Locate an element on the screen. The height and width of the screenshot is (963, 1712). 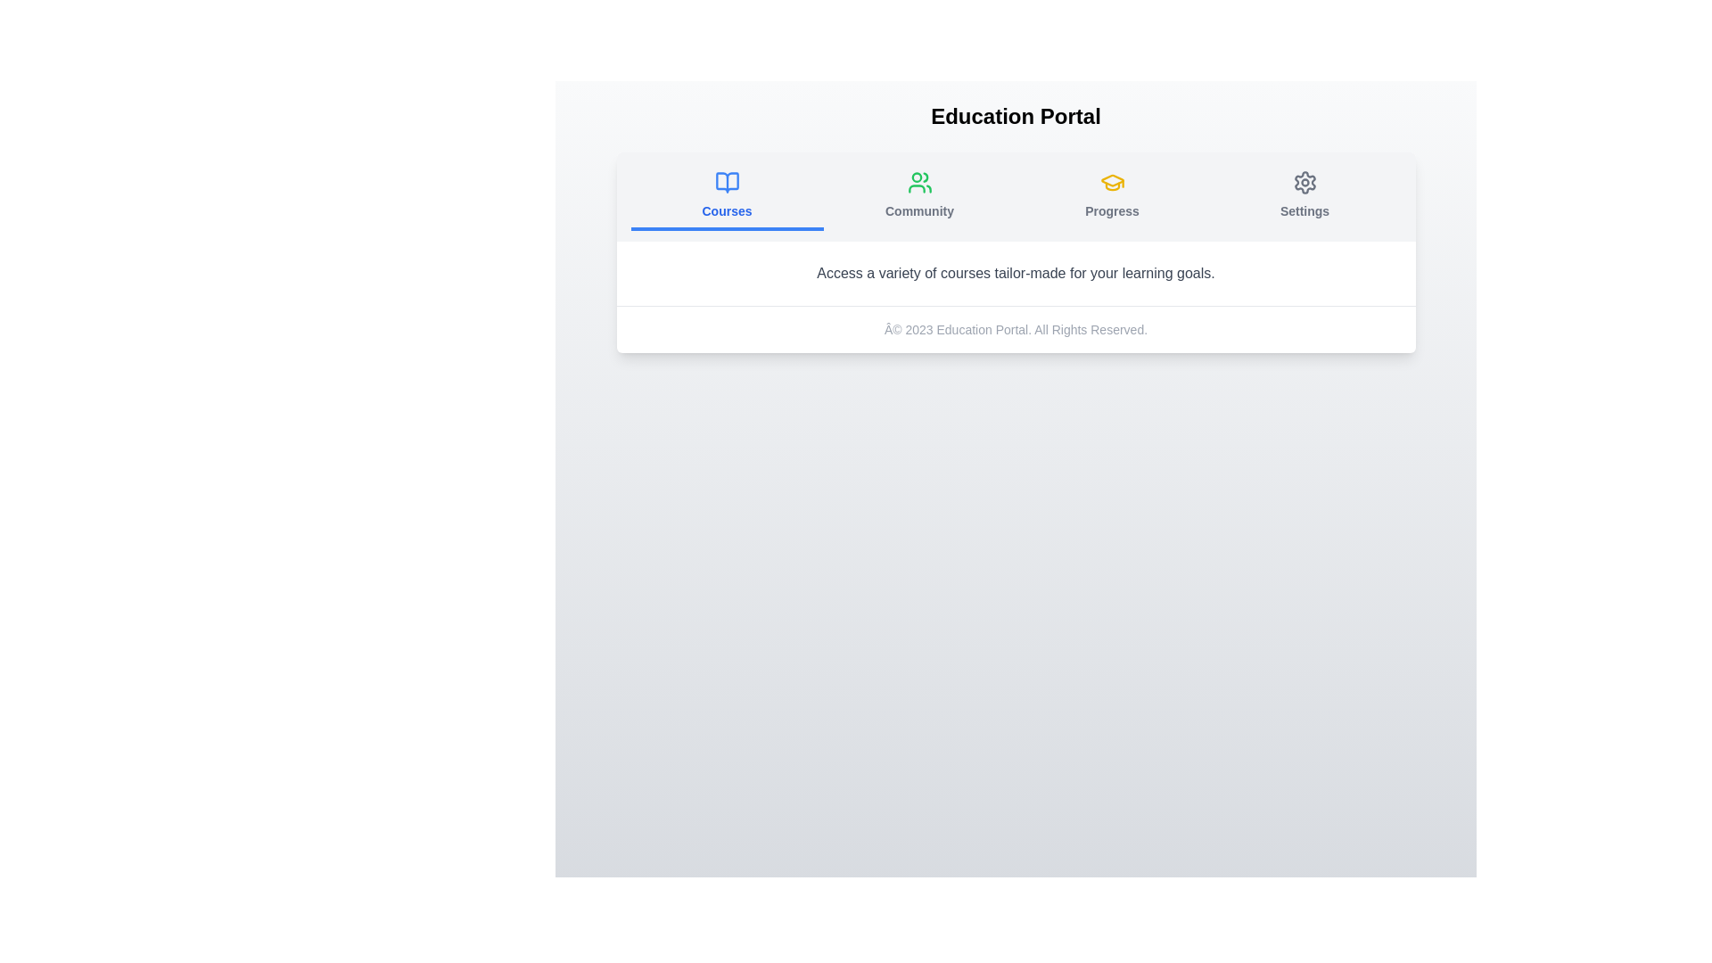
the Community icon located centrally in the Community section of the menu layout is located at coordinates (919, 182).